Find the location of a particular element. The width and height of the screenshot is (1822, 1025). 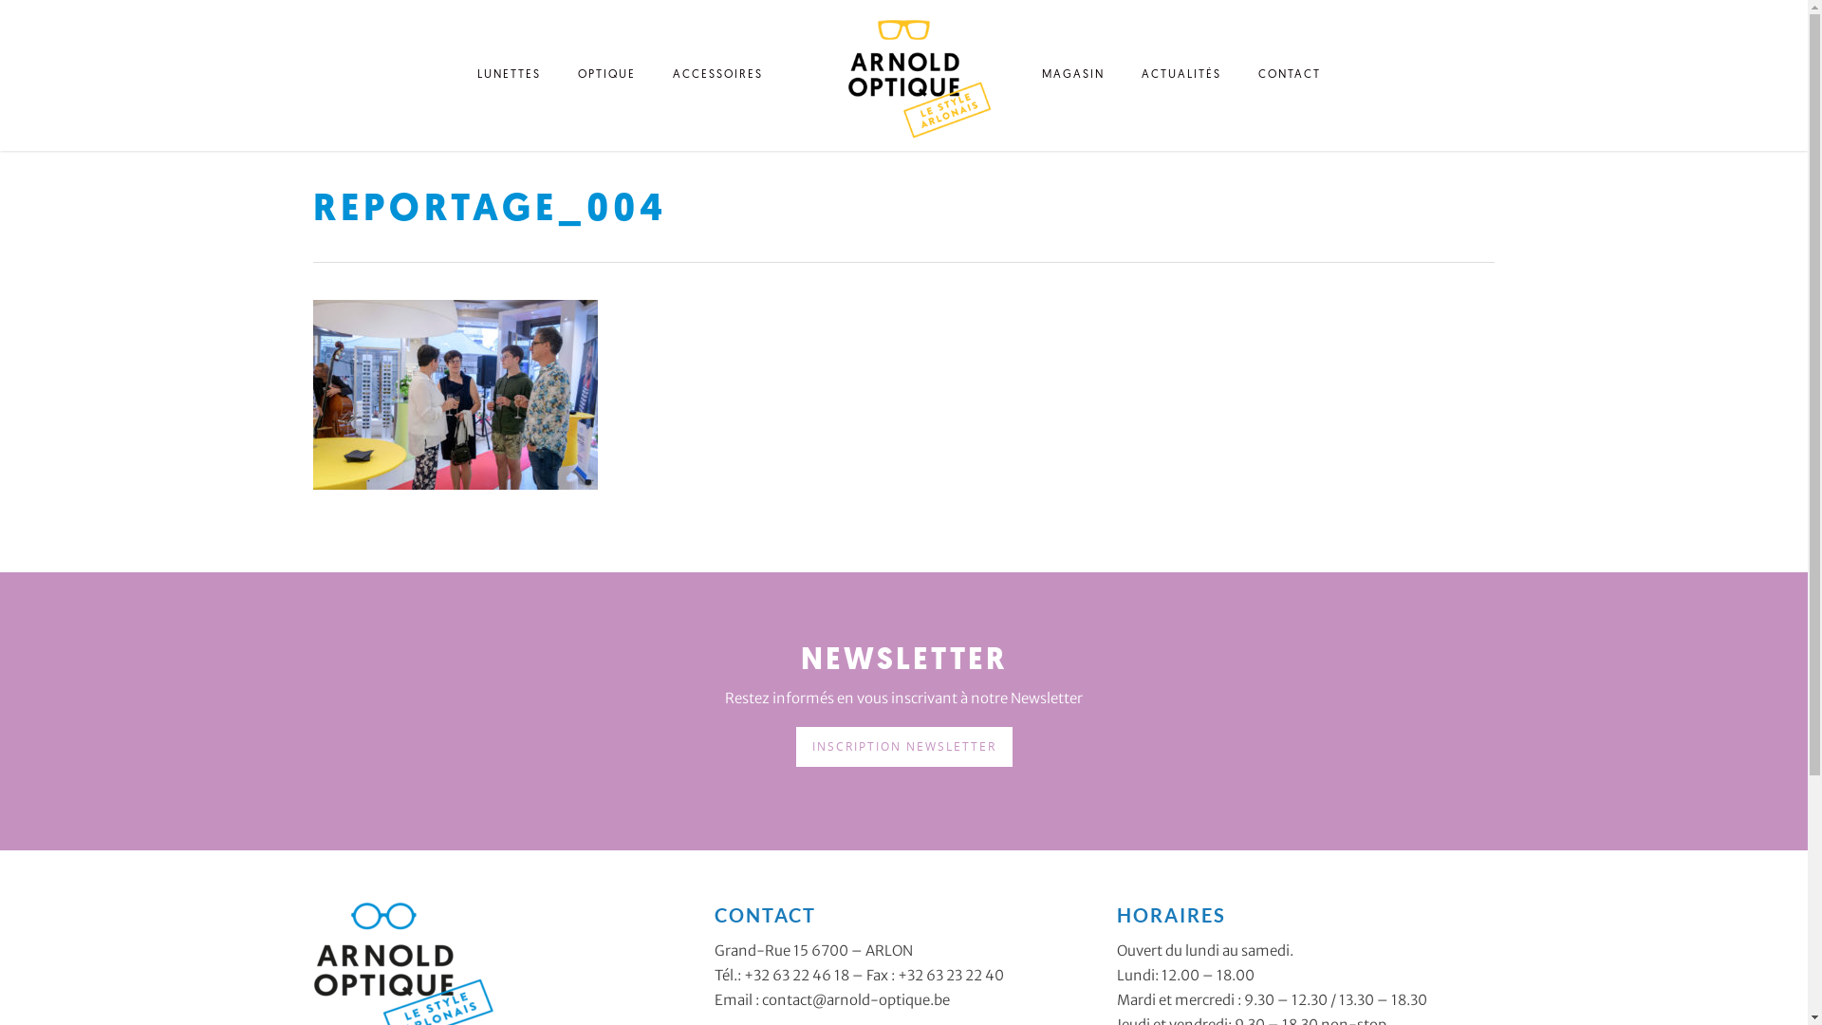

'LUNETTES' is located at coordinates (509, 79).